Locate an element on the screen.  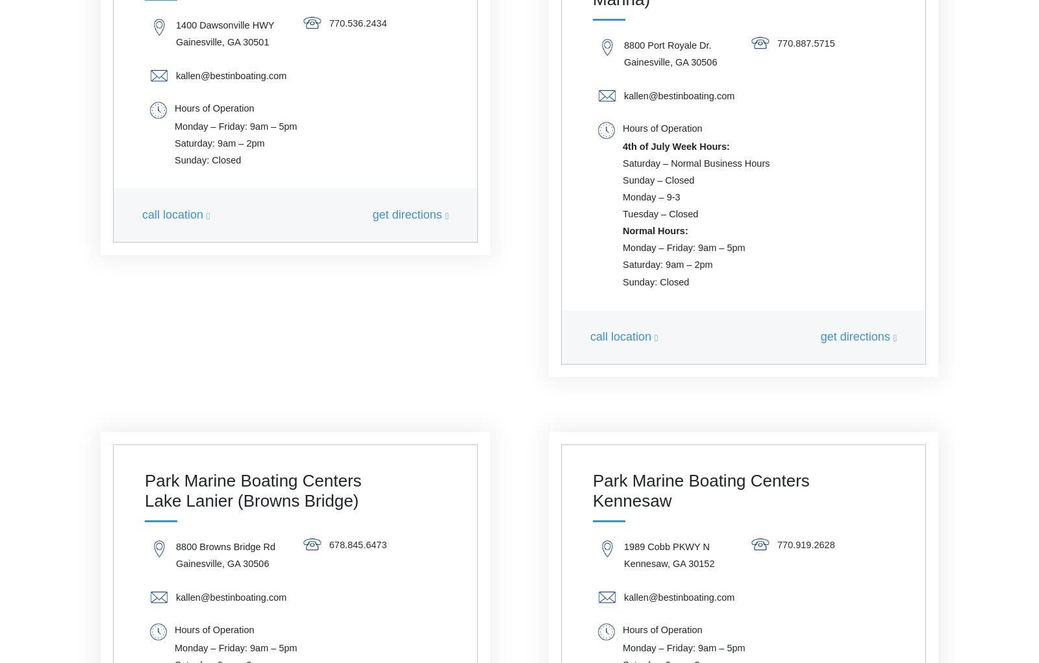
'Tuesday – Closed' is located at coordinates (660, 214).